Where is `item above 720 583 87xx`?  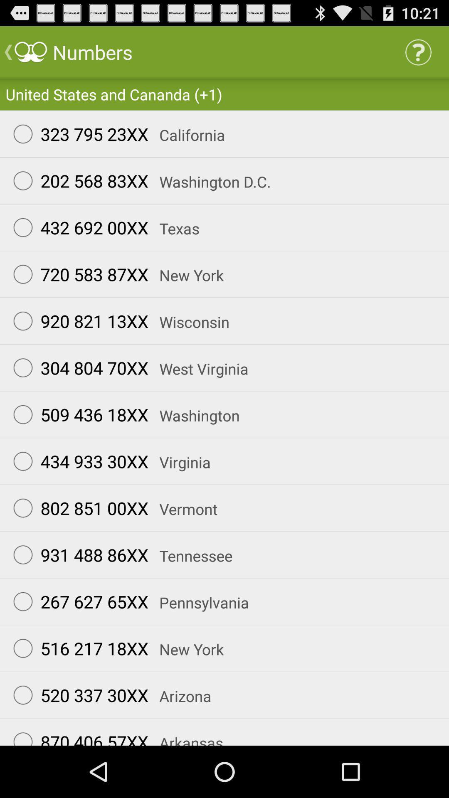
item above 720 583 87xx is located at coordinates (77, 227).